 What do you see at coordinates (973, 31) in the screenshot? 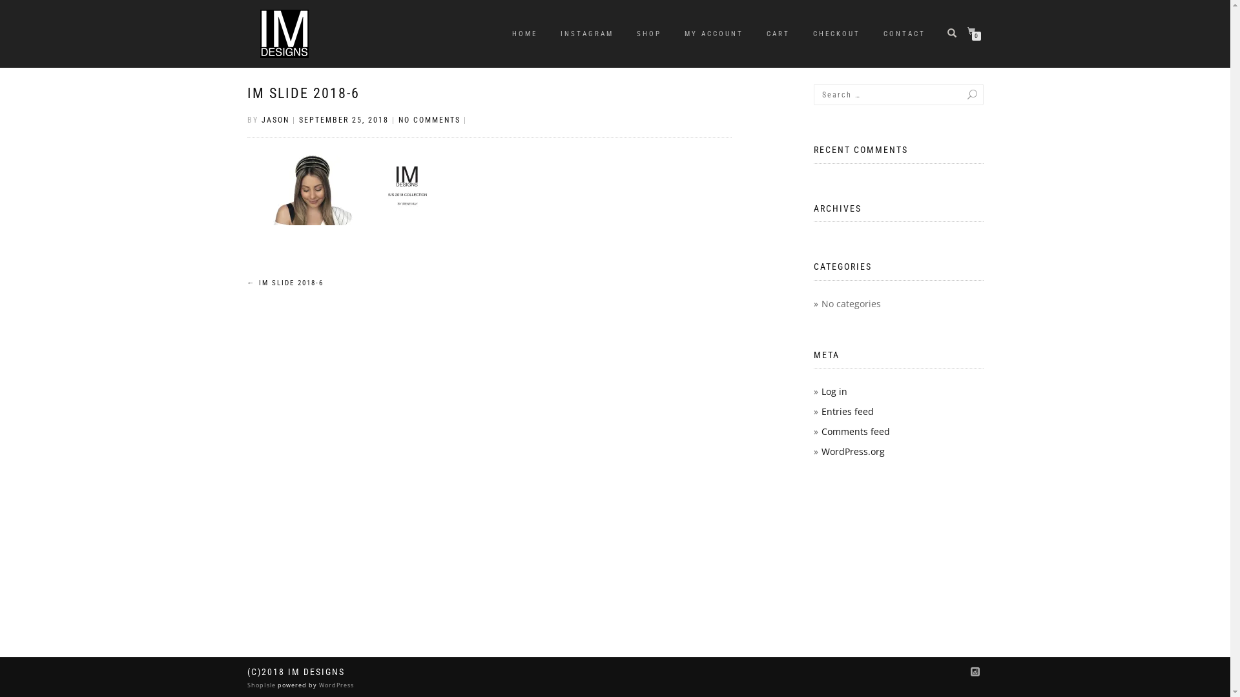
I see `'0'` at bounding box center [973, 31].